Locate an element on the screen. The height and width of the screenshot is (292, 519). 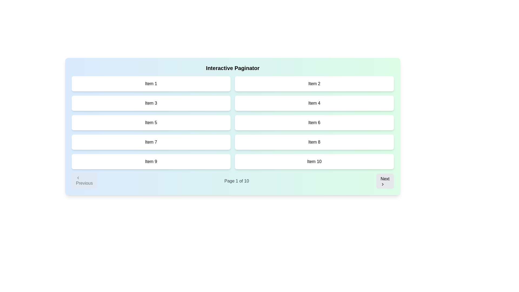
the bold, large-sized text element reading 'Interactive Paginator' displayed centrally at the top of the pagination interface is located at coordinates (232, 68).